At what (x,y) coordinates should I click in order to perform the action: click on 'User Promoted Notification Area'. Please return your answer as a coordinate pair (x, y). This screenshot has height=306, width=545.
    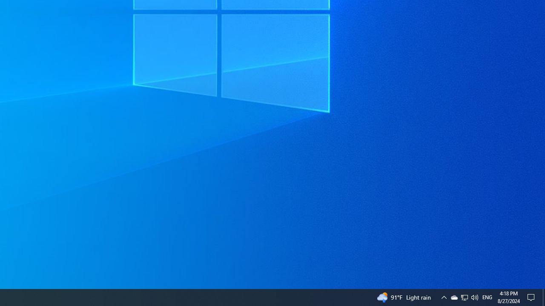
    Looking at the image, I should click on (464, 297).